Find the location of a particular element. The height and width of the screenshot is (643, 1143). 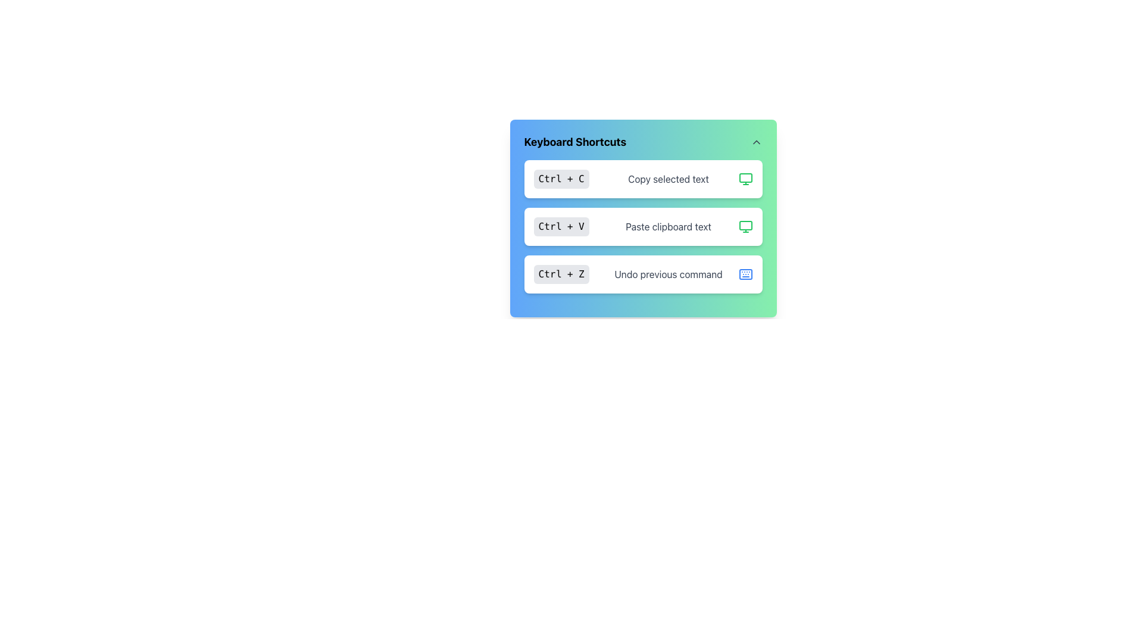

the 'Ctrl + Z' text label, which is a small rectangular box with a light gray background, located in the third row of shortcut instructions is located at coordinates (561, 274).